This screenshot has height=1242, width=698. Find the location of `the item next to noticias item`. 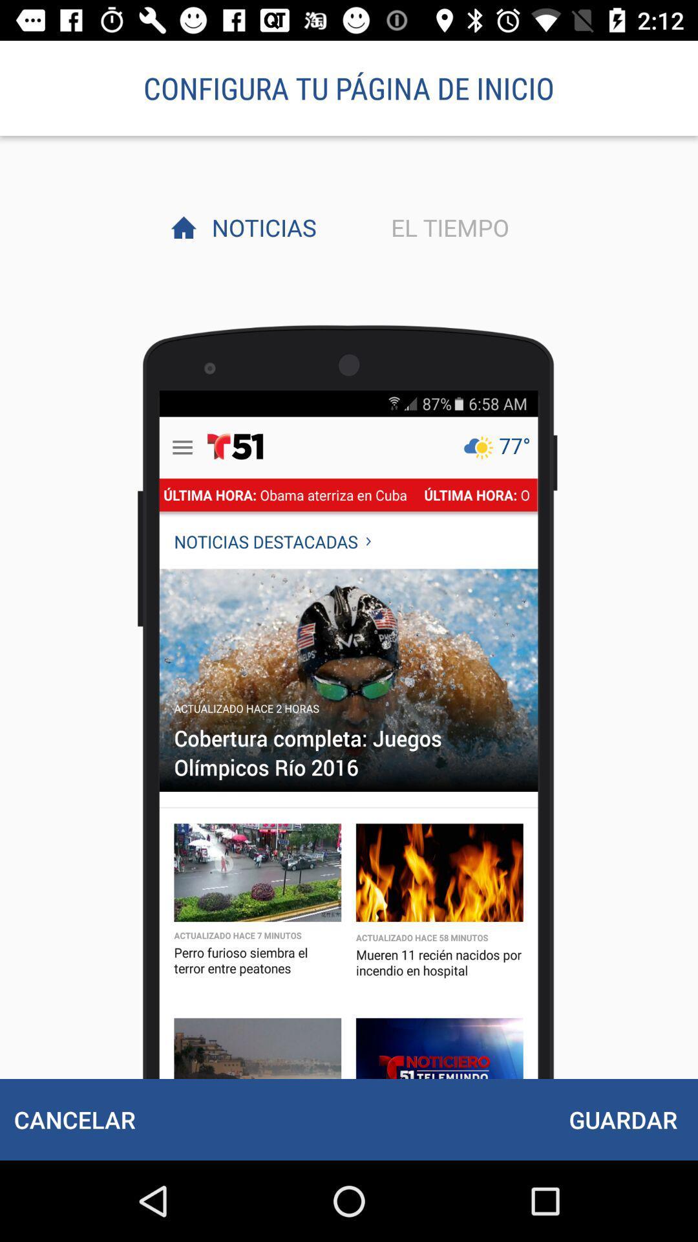

the item next to noticias item is located at coordinates (446, 227).